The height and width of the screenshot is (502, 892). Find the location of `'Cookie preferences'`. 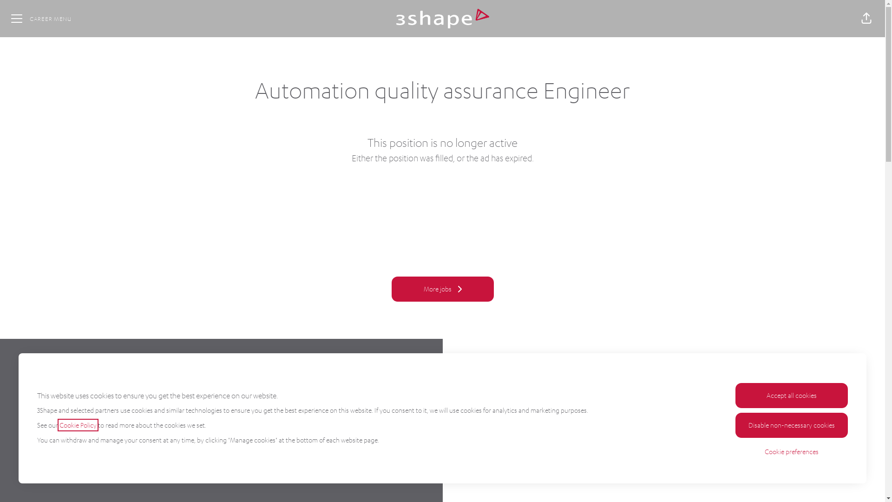

'Cookie preferences' is located at coordinates (791, 451).